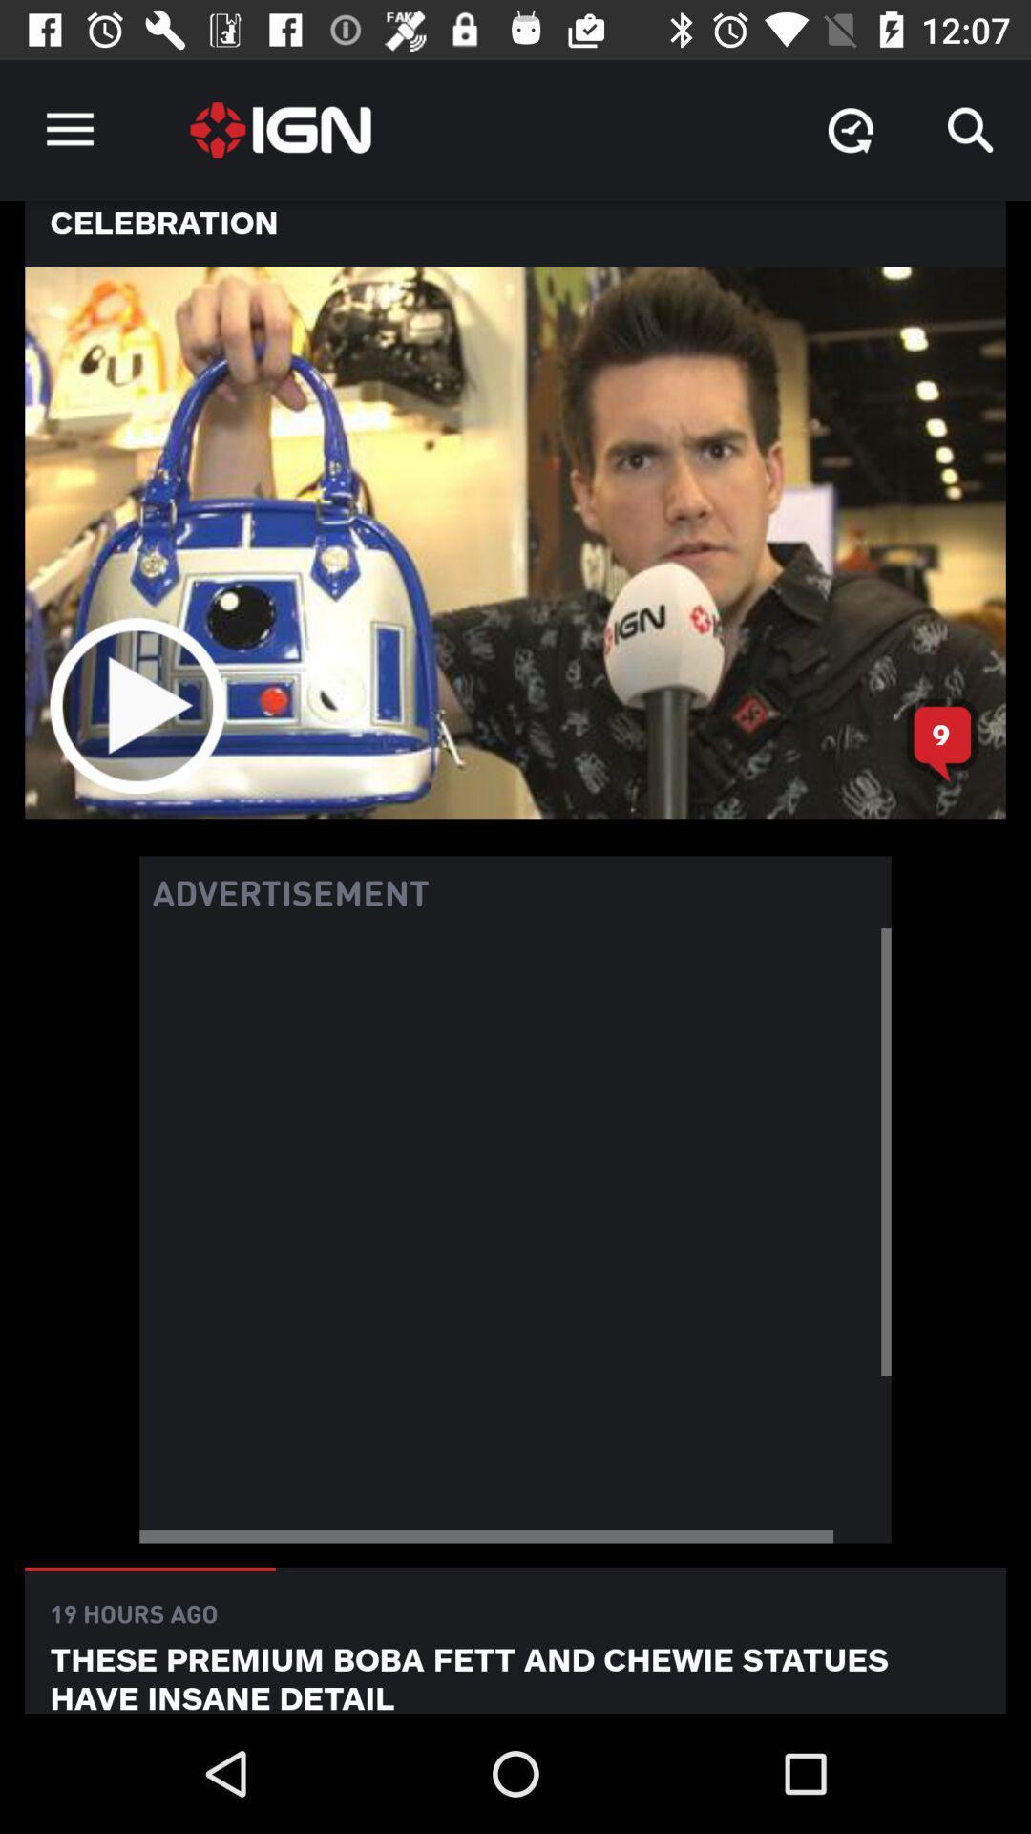 The width and height of the screenshot is (1031, 1834). I want to click on the icon above none of these, so click(850, 129).